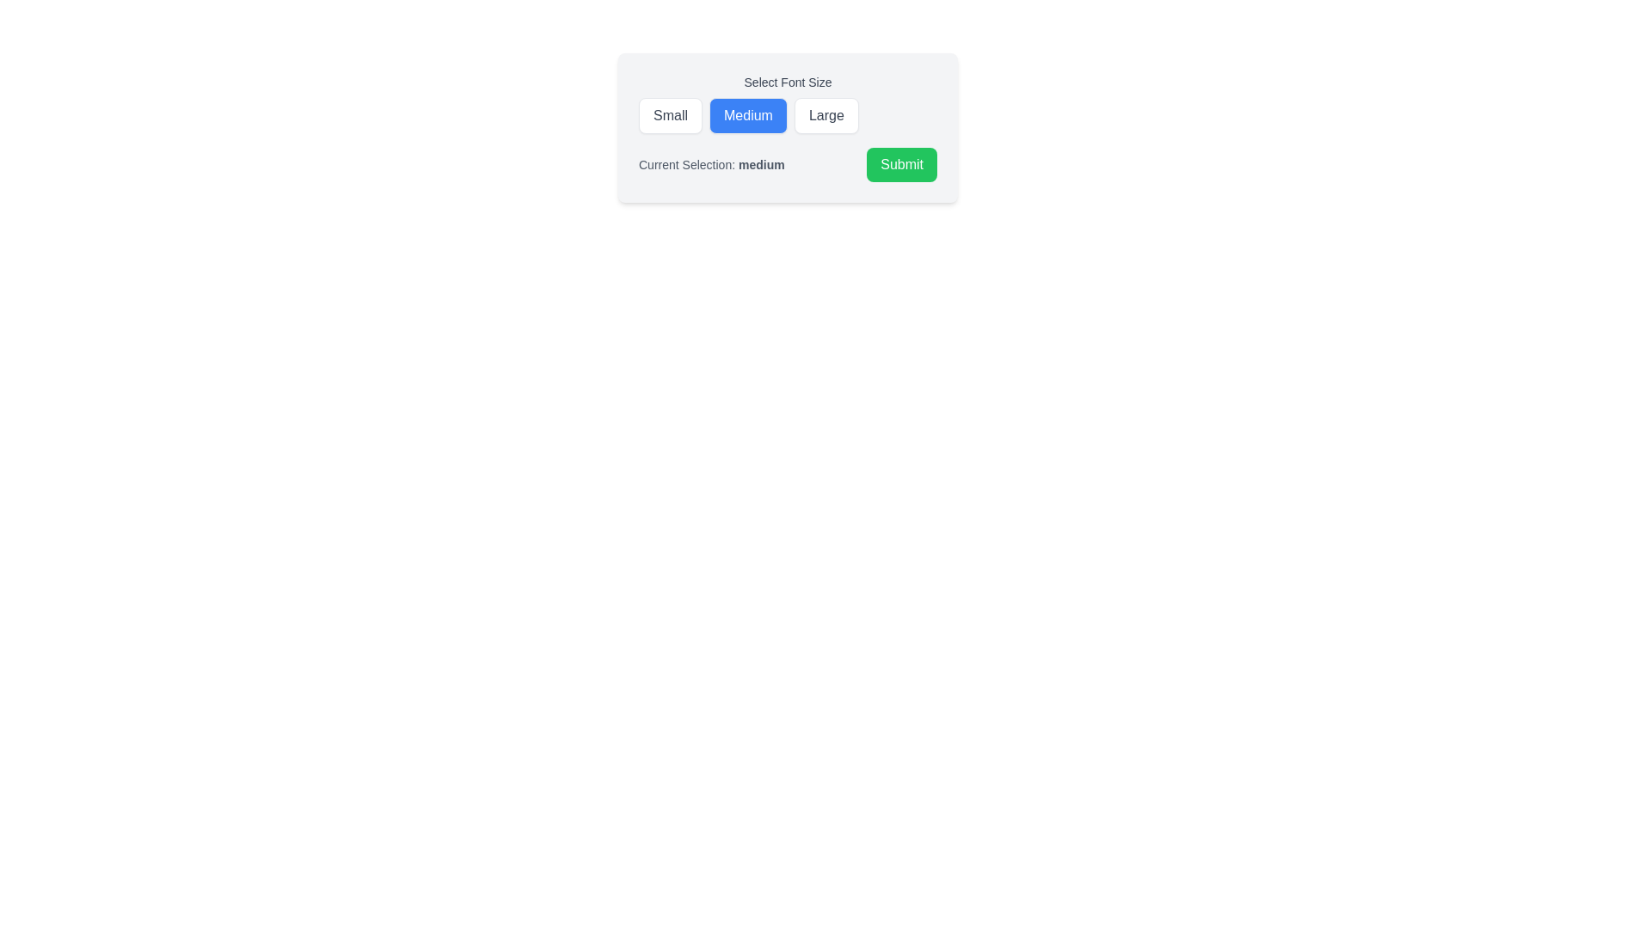 The image size is (1651, 928). Describe the element at coordinates (748, 116) in the screenshot. I see `the 'Medium' size button, which is the second button in a group of three labeled 'Small', 'Medium', and 'Large'` at that location.